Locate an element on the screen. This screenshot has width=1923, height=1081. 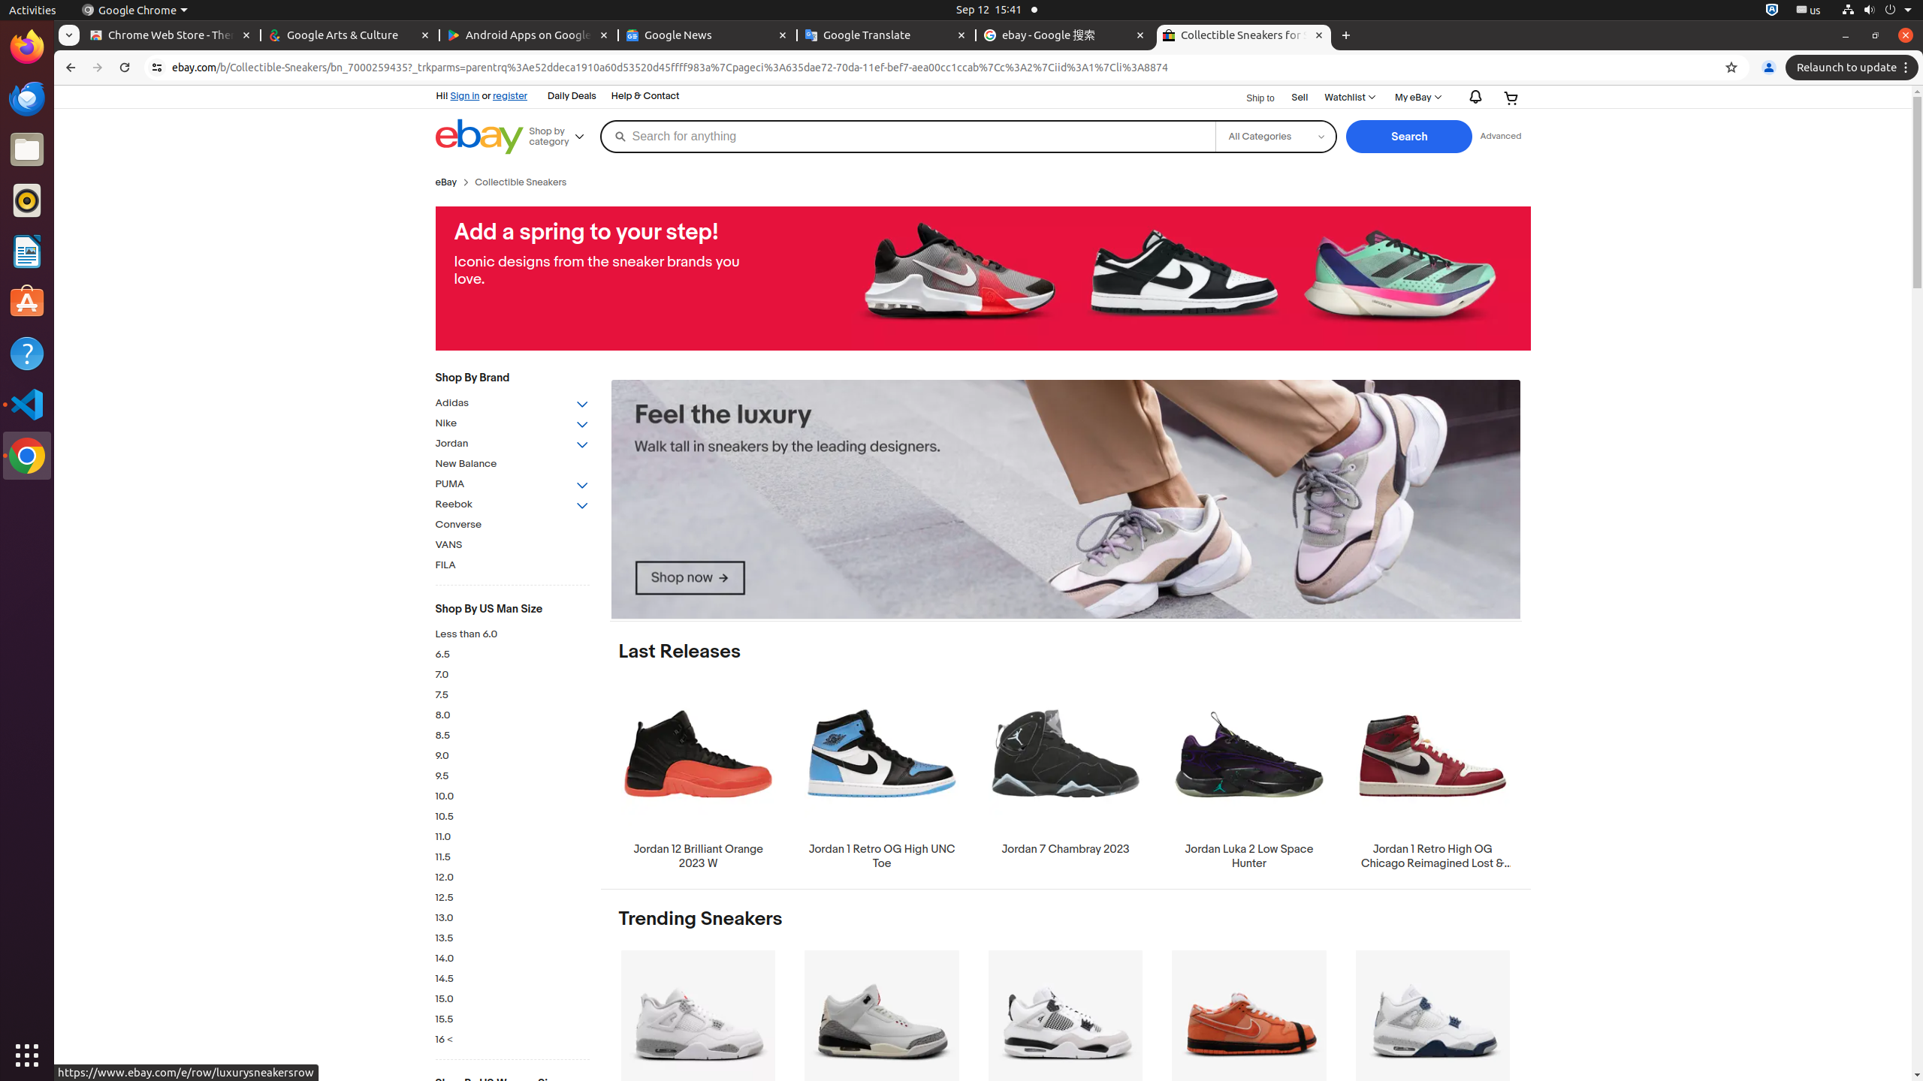
'7.0' is located at coordinates (511, 675).